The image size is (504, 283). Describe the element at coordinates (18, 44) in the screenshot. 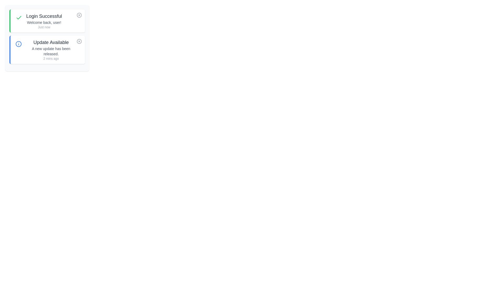

I see `the circular blue outlined icon with a white interior and 'i' symbol in the top-left corner of the 'Update Available' notification box` at that location.